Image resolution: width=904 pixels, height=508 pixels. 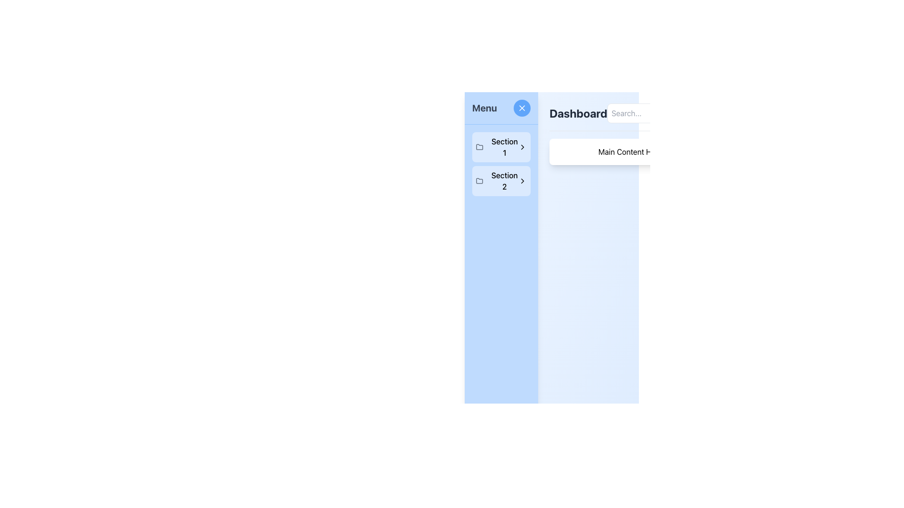 What do you see at coordinates (659, 112) in the screenshot?
I see `the search bar located at the right end of the horizontal bar labeled 'Dashboard'` at bounding box center [659, 112].